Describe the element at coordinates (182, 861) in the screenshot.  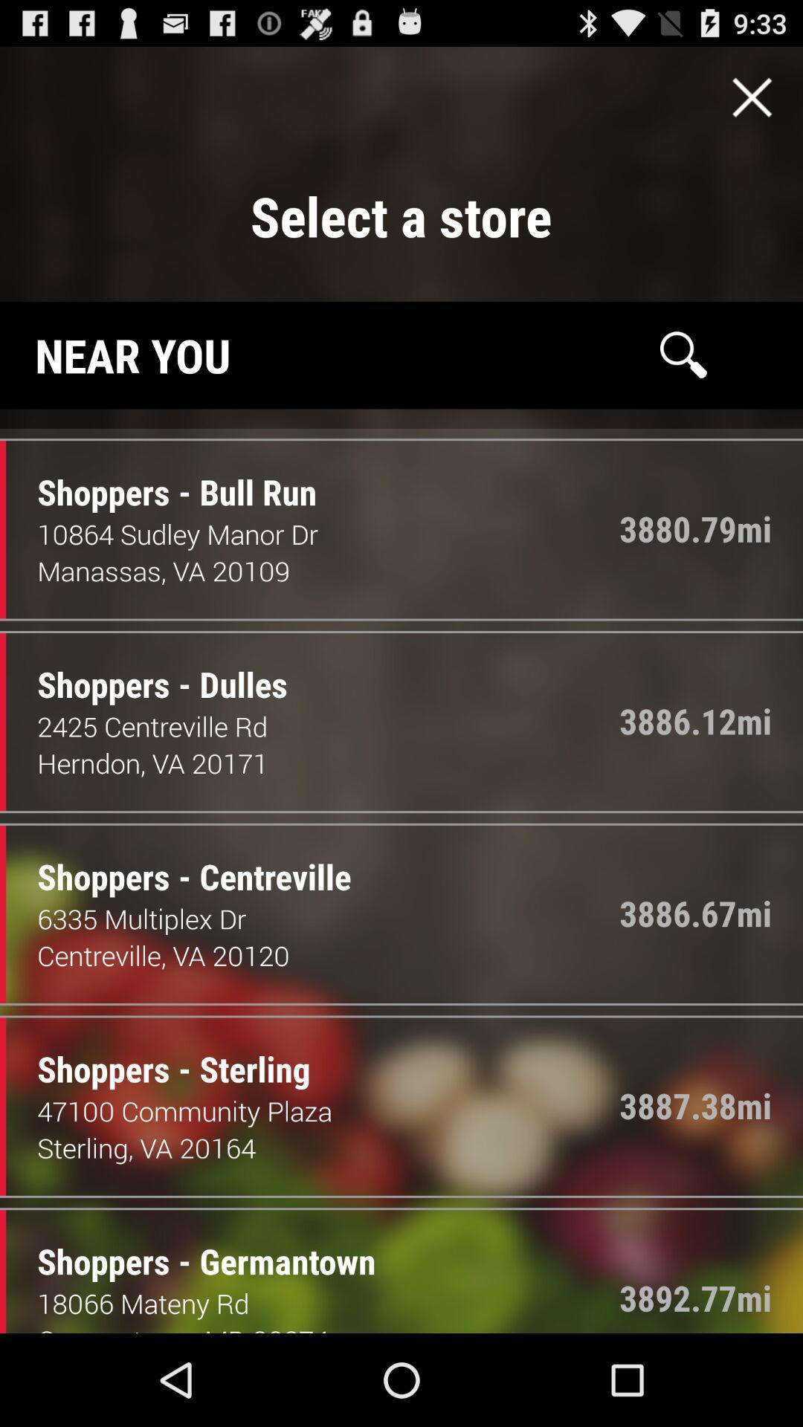
I see `the item above 6335 multiplex dr` at that location.